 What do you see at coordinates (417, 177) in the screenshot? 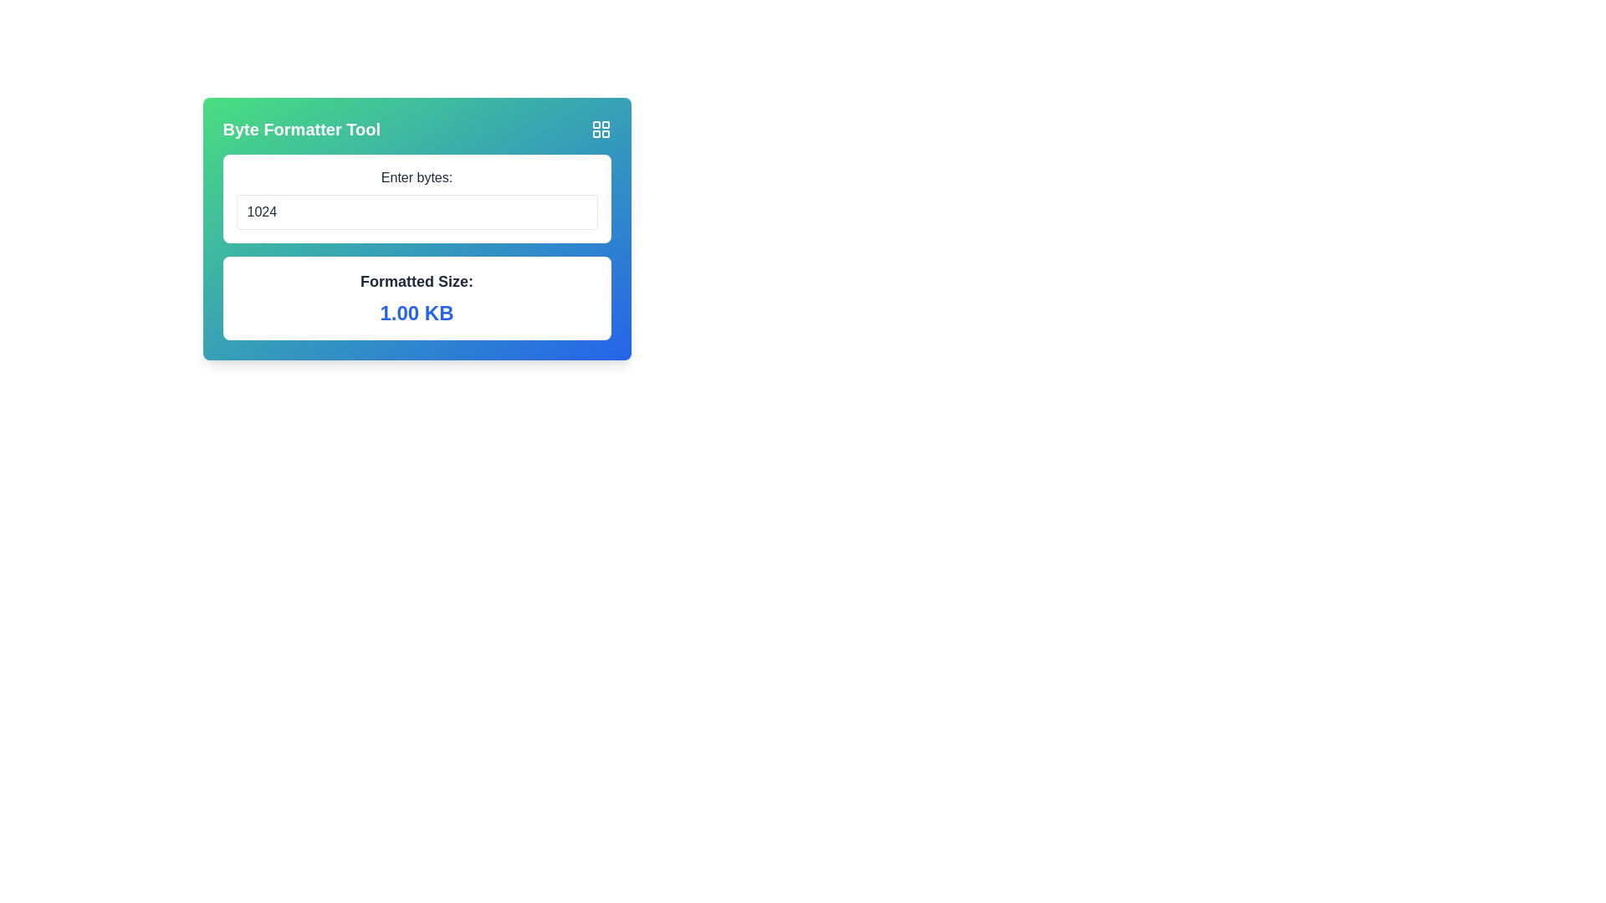
I see `the Text Label that guides the user to input a numeric byte size, located above the corresponding input field` at bounding box center [417, 177].